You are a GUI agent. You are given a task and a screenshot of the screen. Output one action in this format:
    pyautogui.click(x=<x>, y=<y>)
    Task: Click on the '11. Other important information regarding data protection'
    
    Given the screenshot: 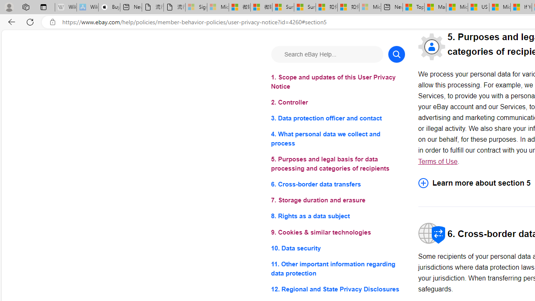 What is the action you would take?
    pyautogui.click(x=338, y=268)
    